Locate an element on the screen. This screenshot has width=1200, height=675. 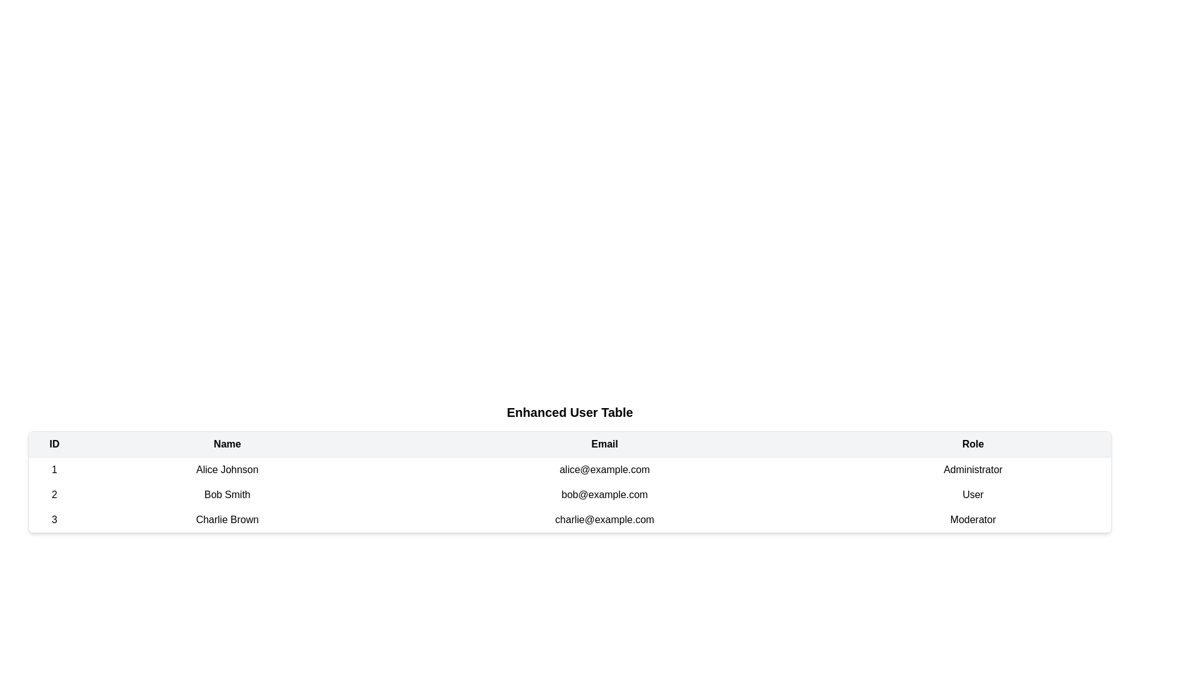
text label displaying 'User' located in the Role column for the user 'Bob Smith' is located at coordinates (972, 494).